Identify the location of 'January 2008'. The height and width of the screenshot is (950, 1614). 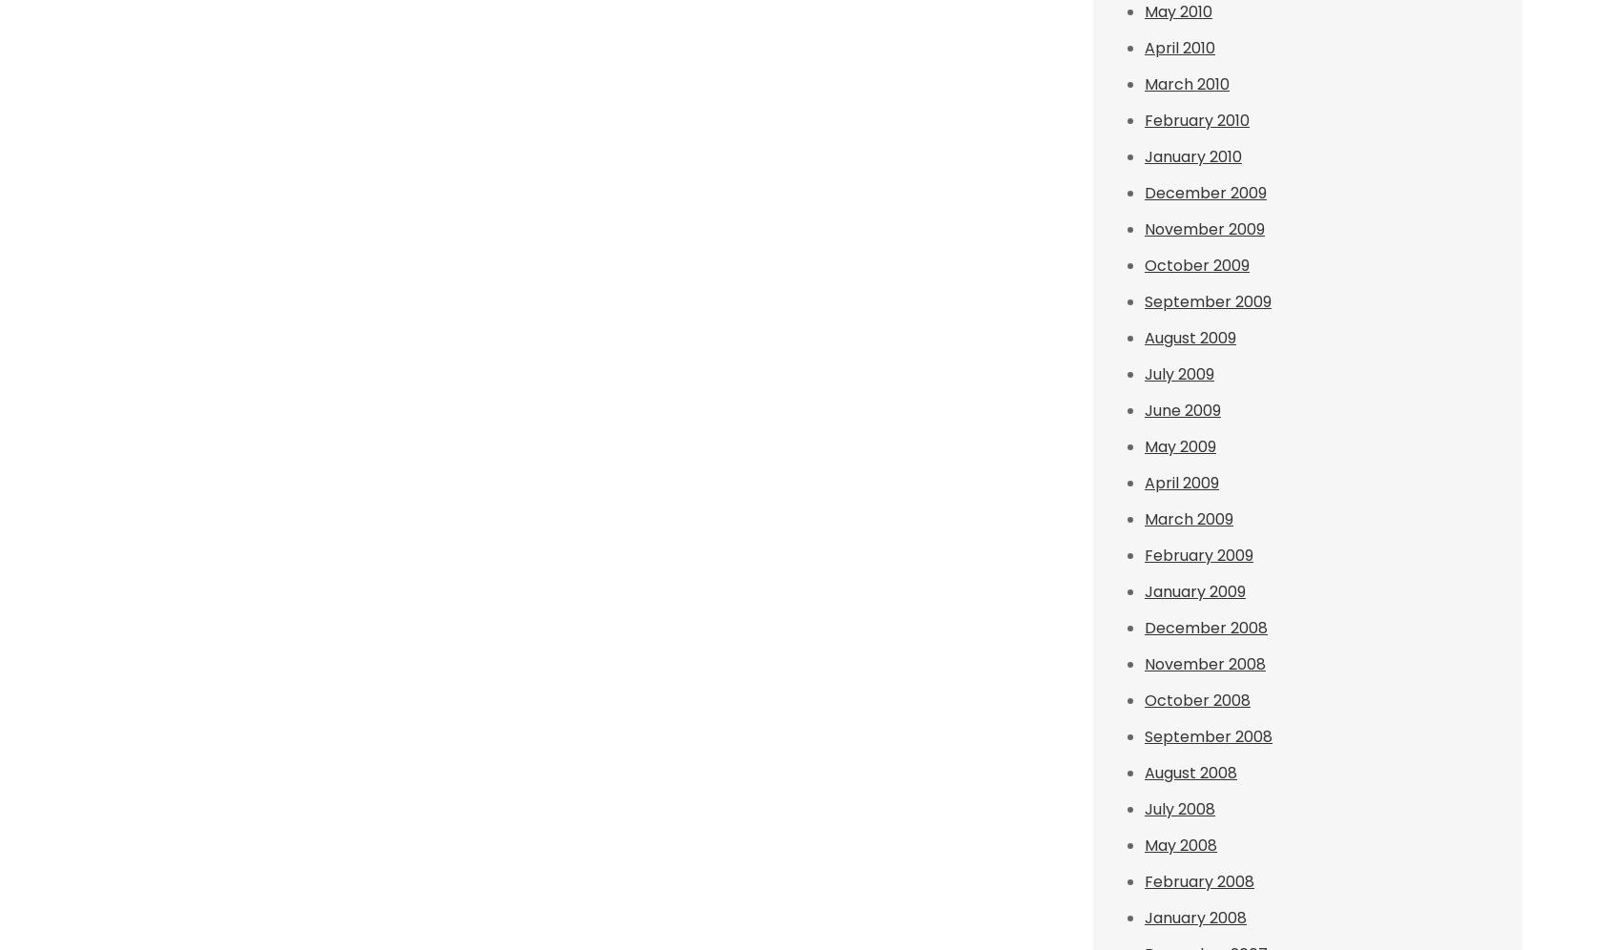
(1195, 917).